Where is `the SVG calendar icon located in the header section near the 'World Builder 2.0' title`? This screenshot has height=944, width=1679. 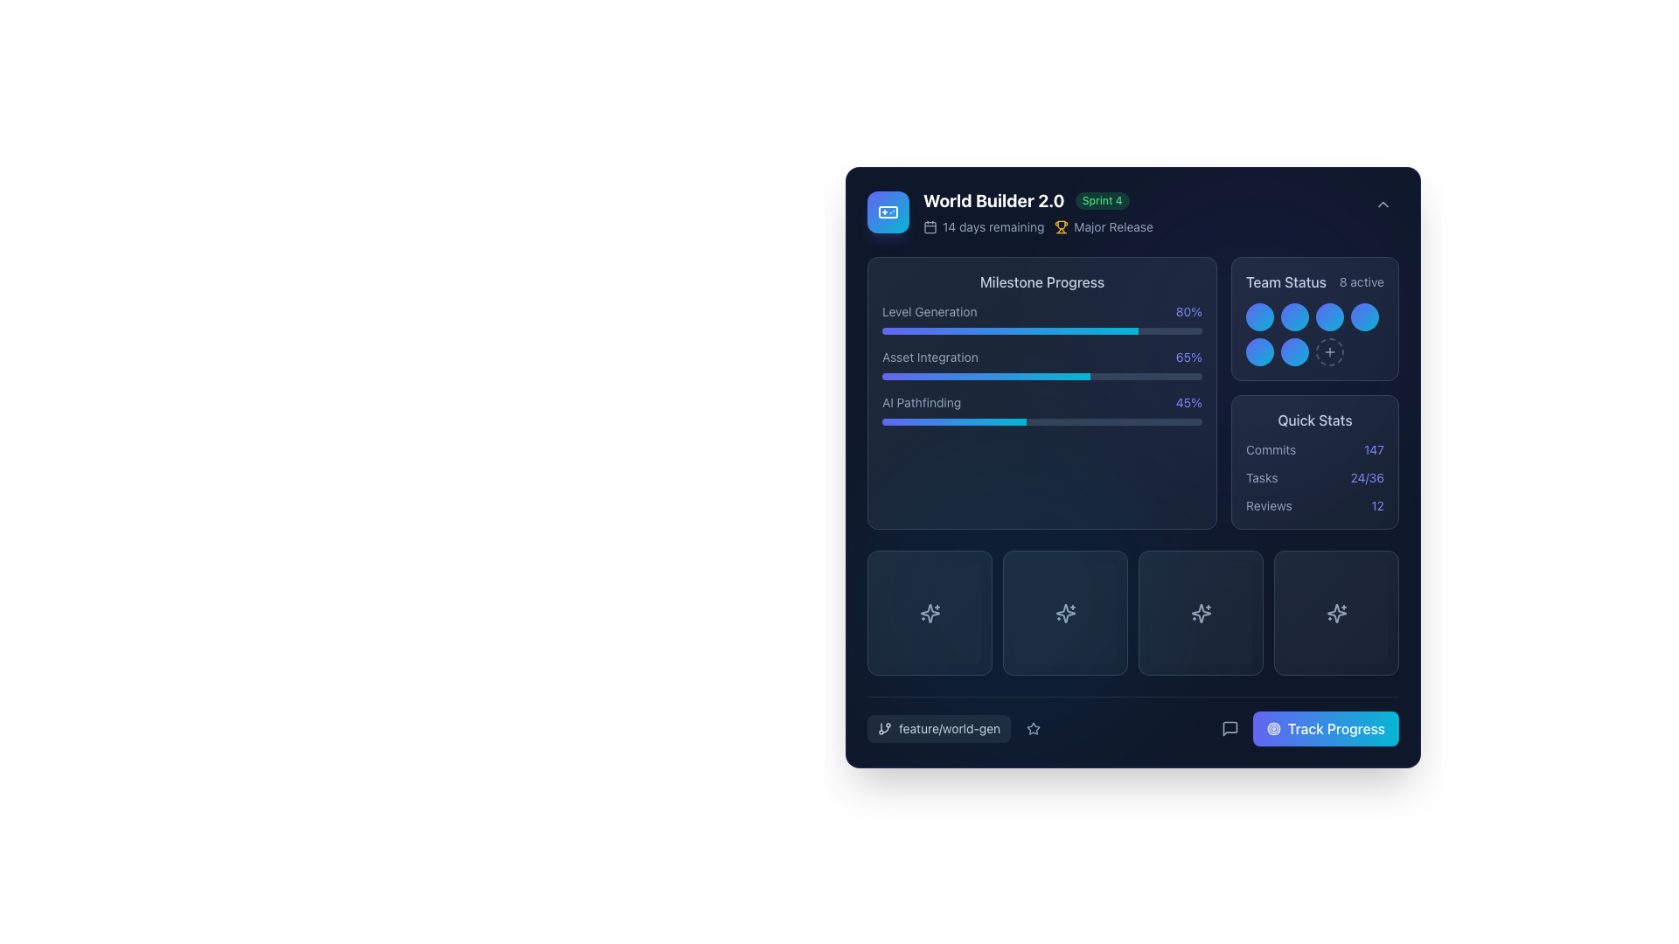
the SVG calendar icon located in the header section near the 'World Builder 2.0' title is located at coordinates (930, 226).